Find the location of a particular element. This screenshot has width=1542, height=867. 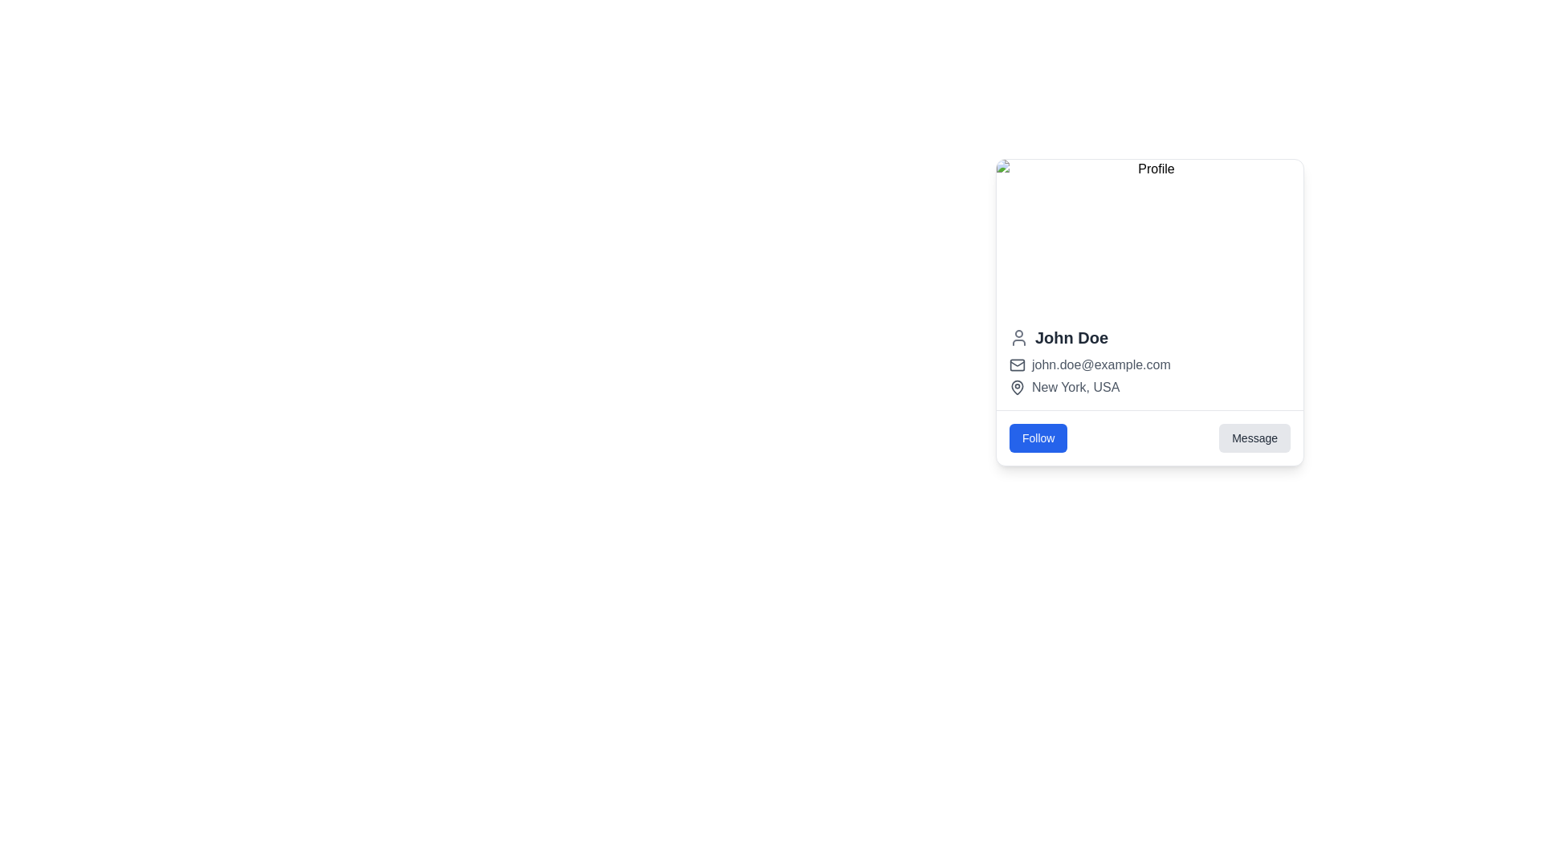

the user icon avatar for 'John Doe', which is a minimalistic gray SVG representation of a person located on the left side of the text is located at coordinates (1018, 336).